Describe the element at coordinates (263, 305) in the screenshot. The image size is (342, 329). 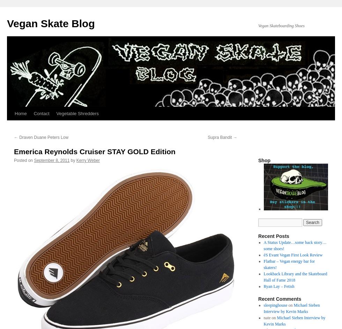
I see `'sleepinghouse'` at that location.